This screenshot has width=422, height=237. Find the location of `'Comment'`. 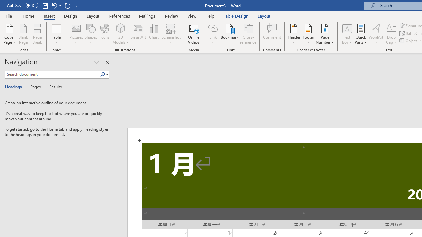

'Comment' is located at coordinates (272, 34).